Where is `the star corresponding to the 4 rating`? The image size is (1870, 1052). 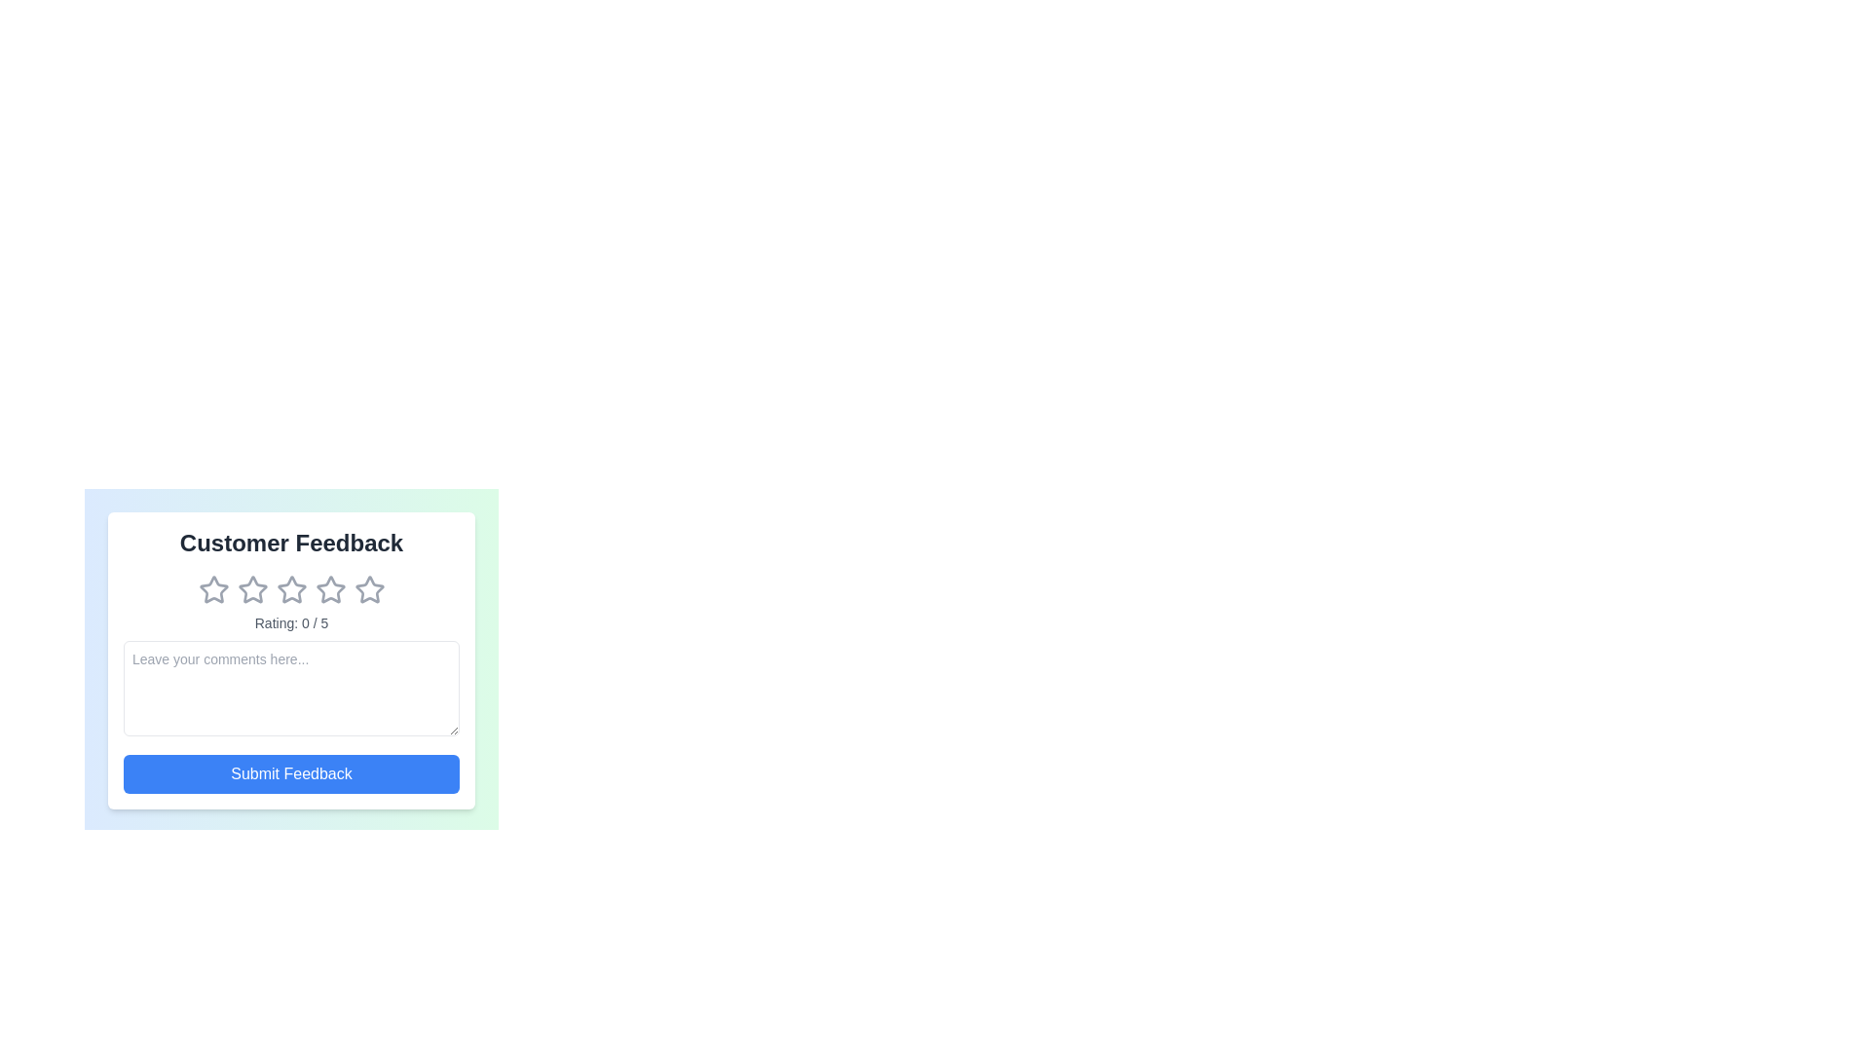
the star corresponding to the 4 rating is located at coordinates (330, 588).